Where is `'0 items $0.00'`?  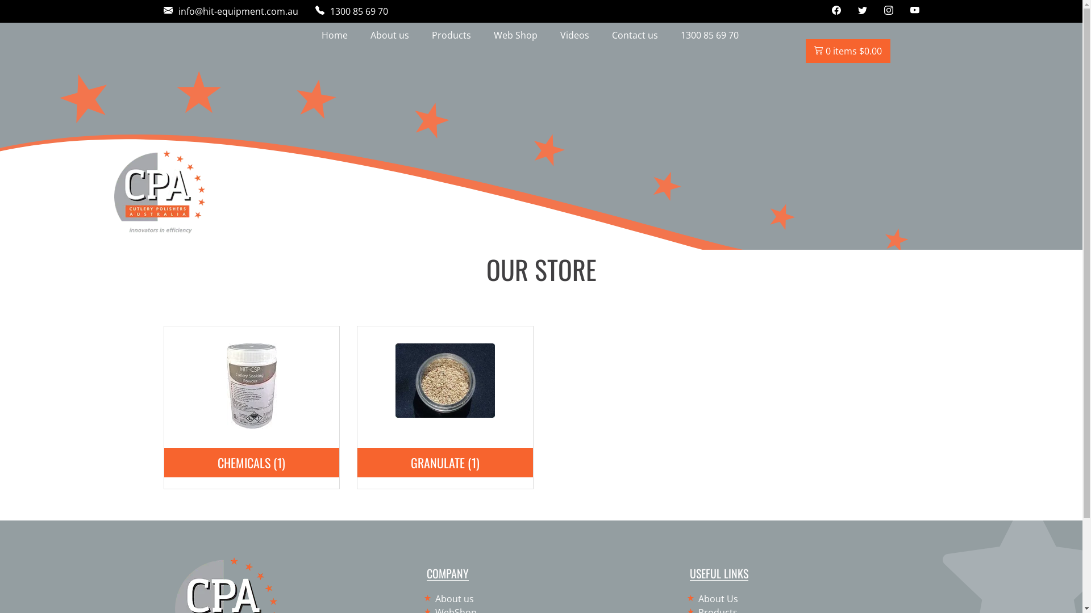 '0 items $0.00' is located at coordinates (848, 50).